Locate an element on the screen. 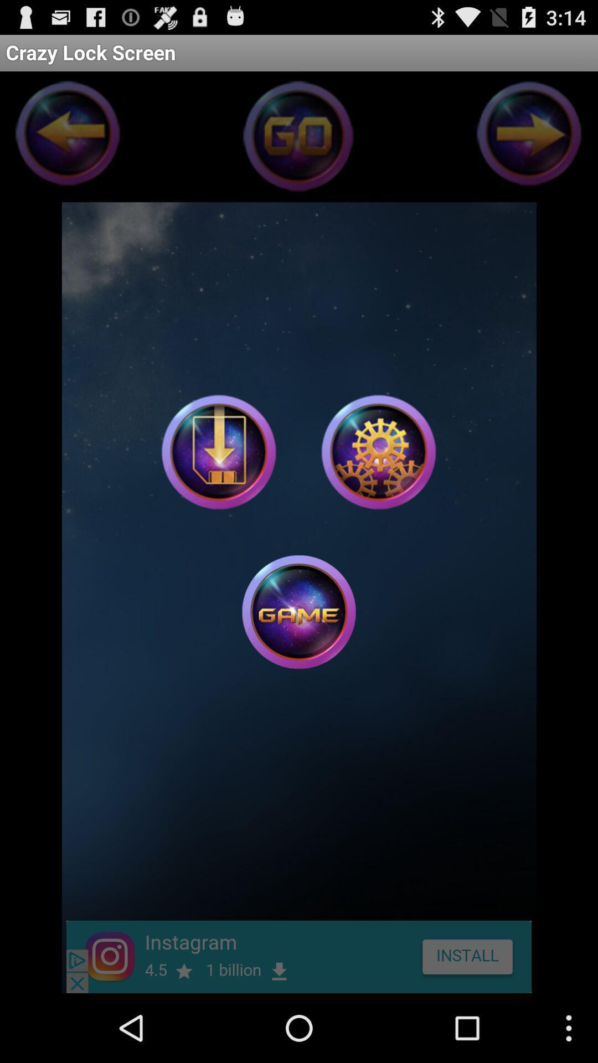  game is located at coordinates (299, 611).